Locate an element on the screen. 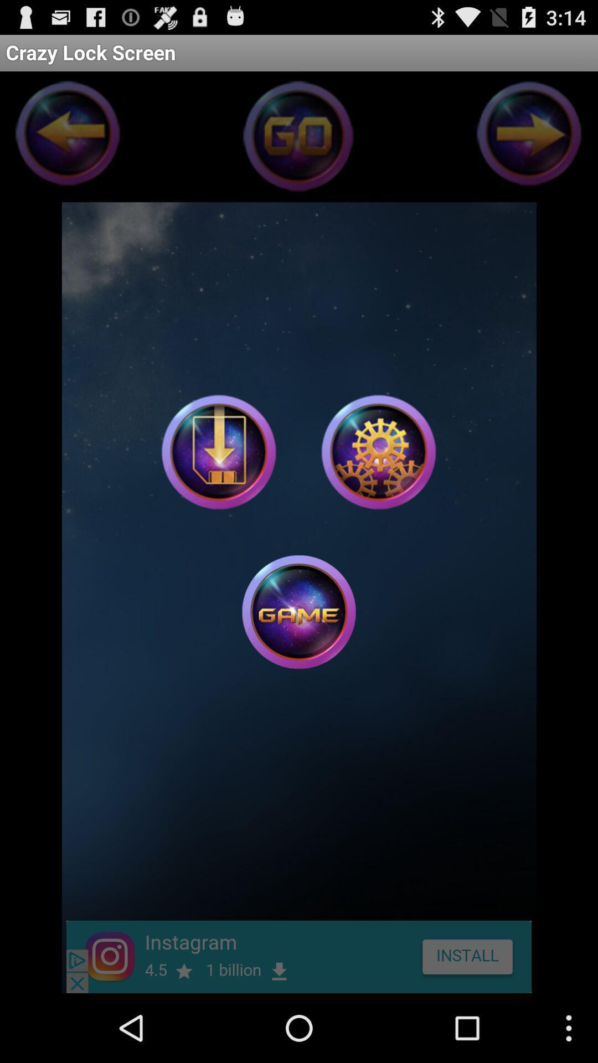  game is located at coordinates (299, 611).